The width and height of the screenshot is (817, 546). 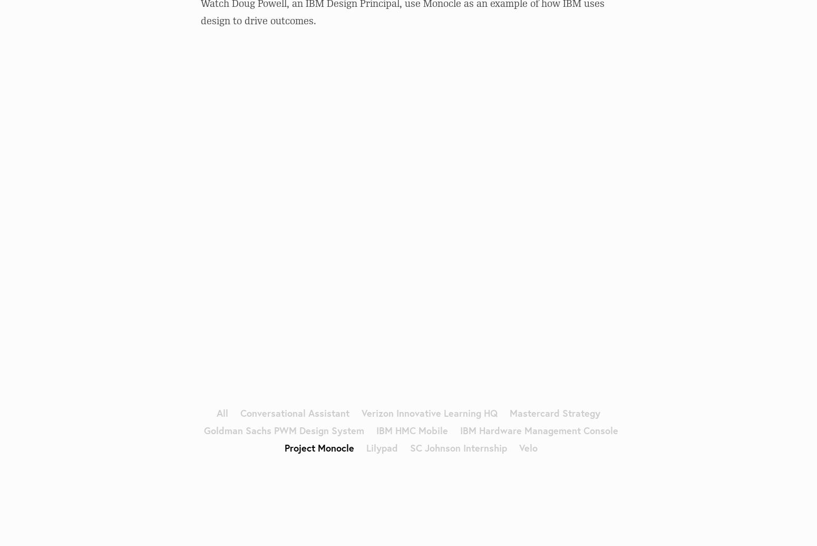 What do you see at coordinates (458, 446) in the screenshot?
I see `'SC Johnson Internship'` at bounding box center [458, 446].